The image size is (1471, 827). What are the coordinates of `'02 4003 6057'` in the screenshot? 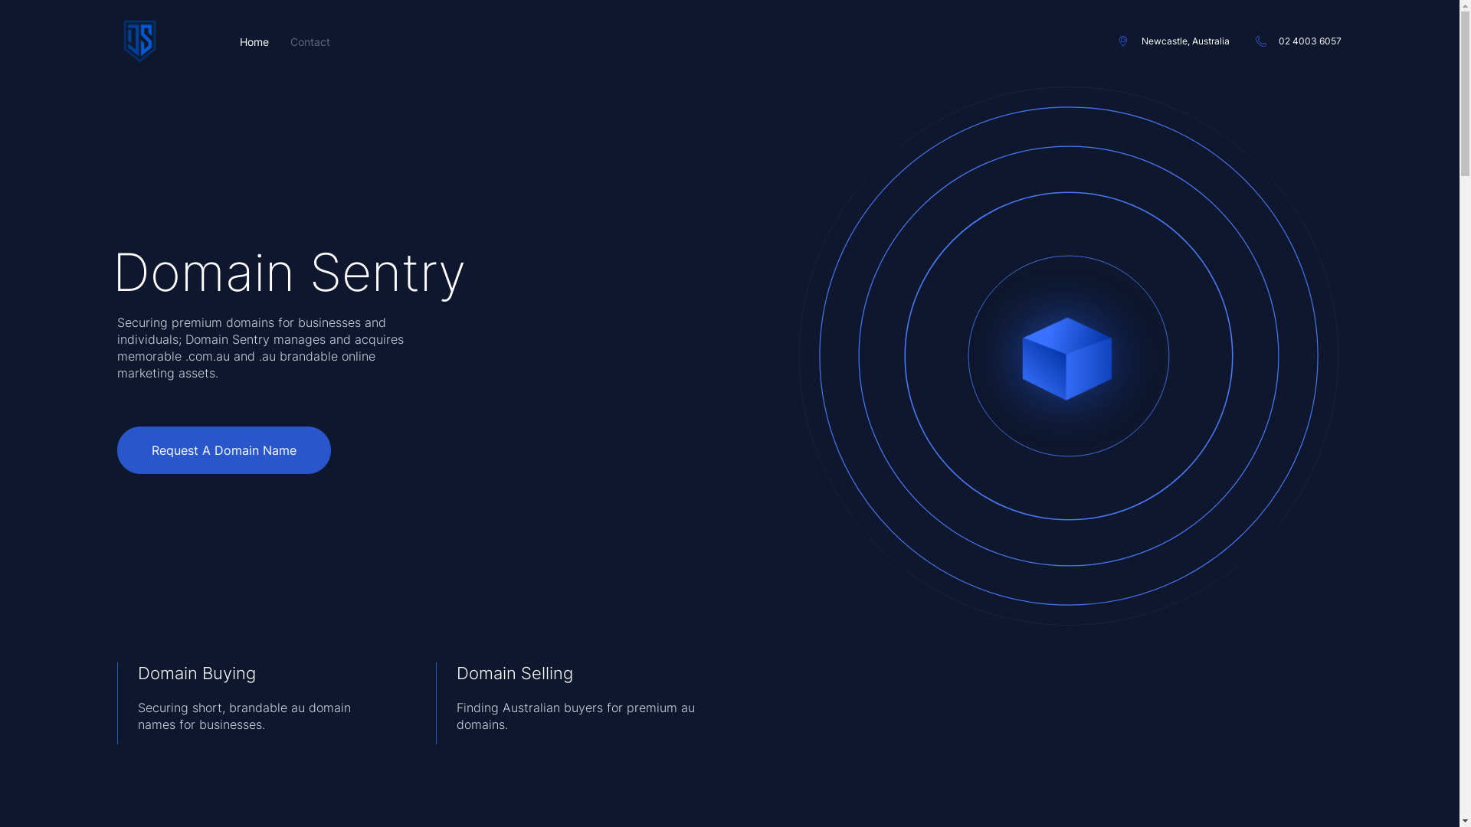 It's located at (1298, 41).